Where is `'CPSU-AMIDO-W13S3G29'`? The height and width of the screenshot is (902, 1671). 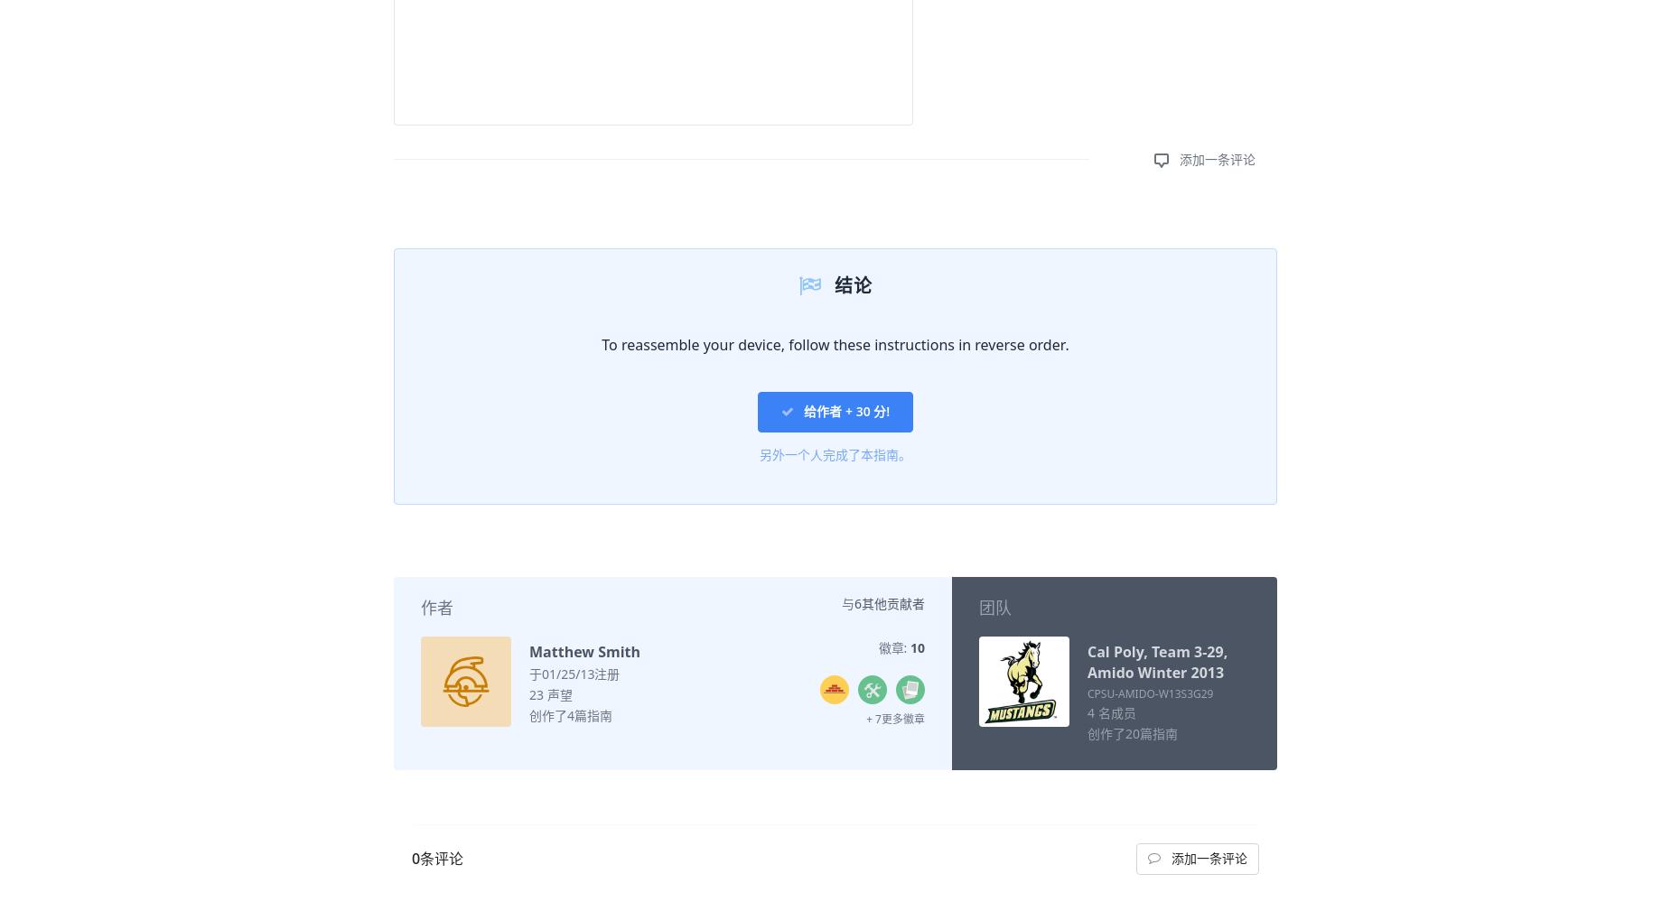
'CPSU-AMIDO-W13S3G29' is located at coordinates (1149, 692).